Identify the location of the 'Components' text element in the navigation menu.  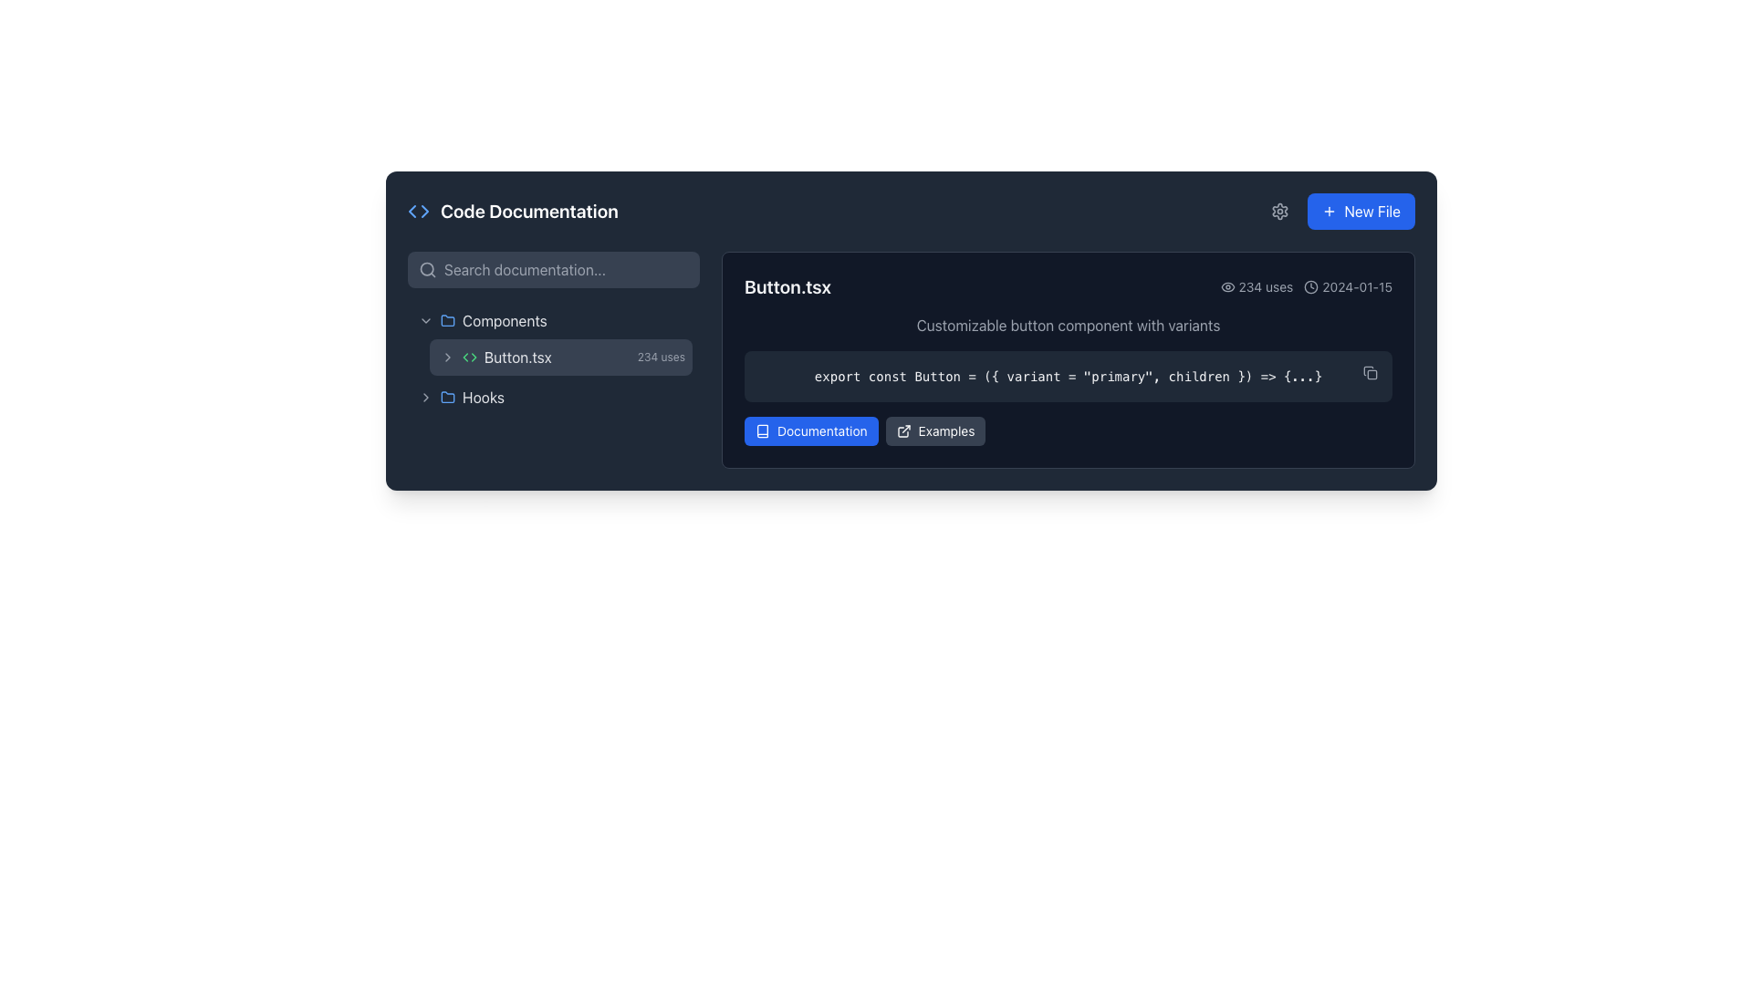
(505, 319).